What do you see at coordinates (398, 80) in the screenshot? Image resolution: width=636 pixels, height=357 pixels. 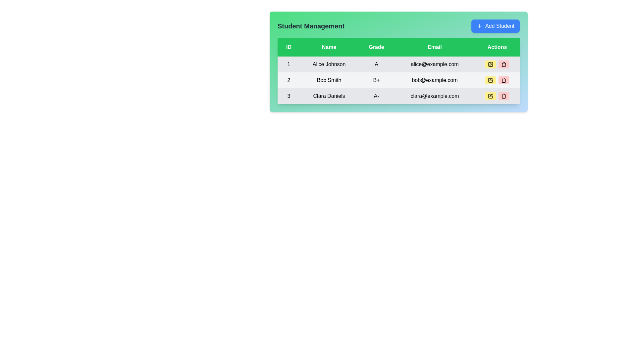 I see `the highlighted second row in the data table displaying '2', 'Bob Smith', 'B+', and 'bob@example.com' in the 'Student Management' section` at bounding box center [398, 80].